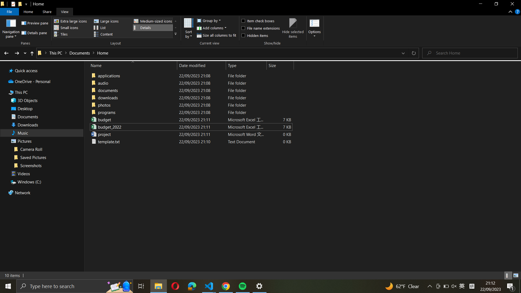 Image resolution: width=521 pixels, height=293 pixels. I want to click on Position "template.txt" to the "downloads" folder from the present directory by moving the file, so click(190, 141).